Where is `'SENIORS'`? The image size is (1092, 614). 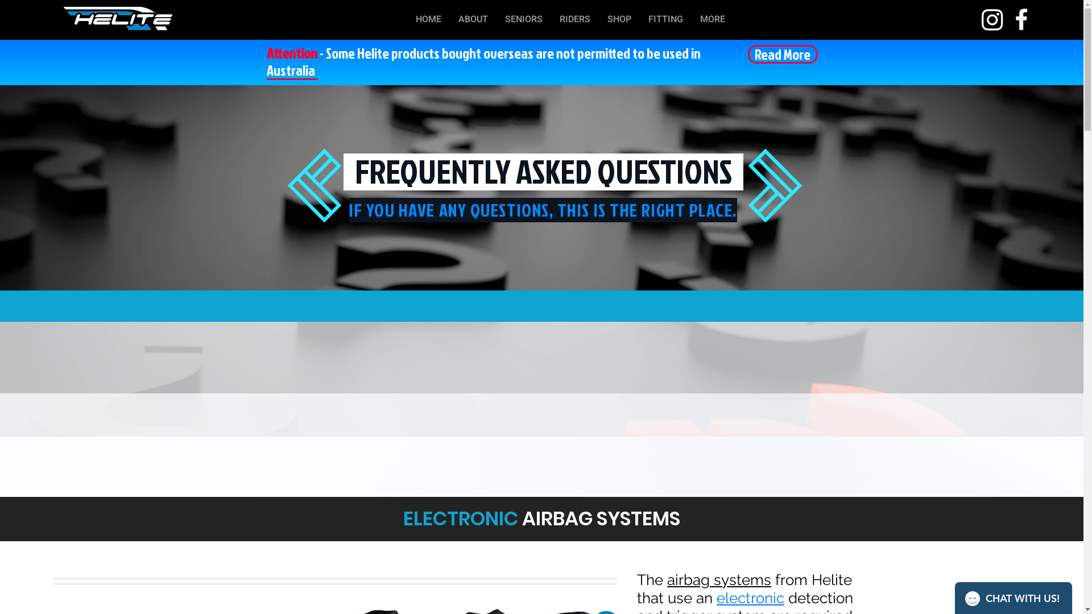 'SENIORS' is located at coordinates (523, 19).